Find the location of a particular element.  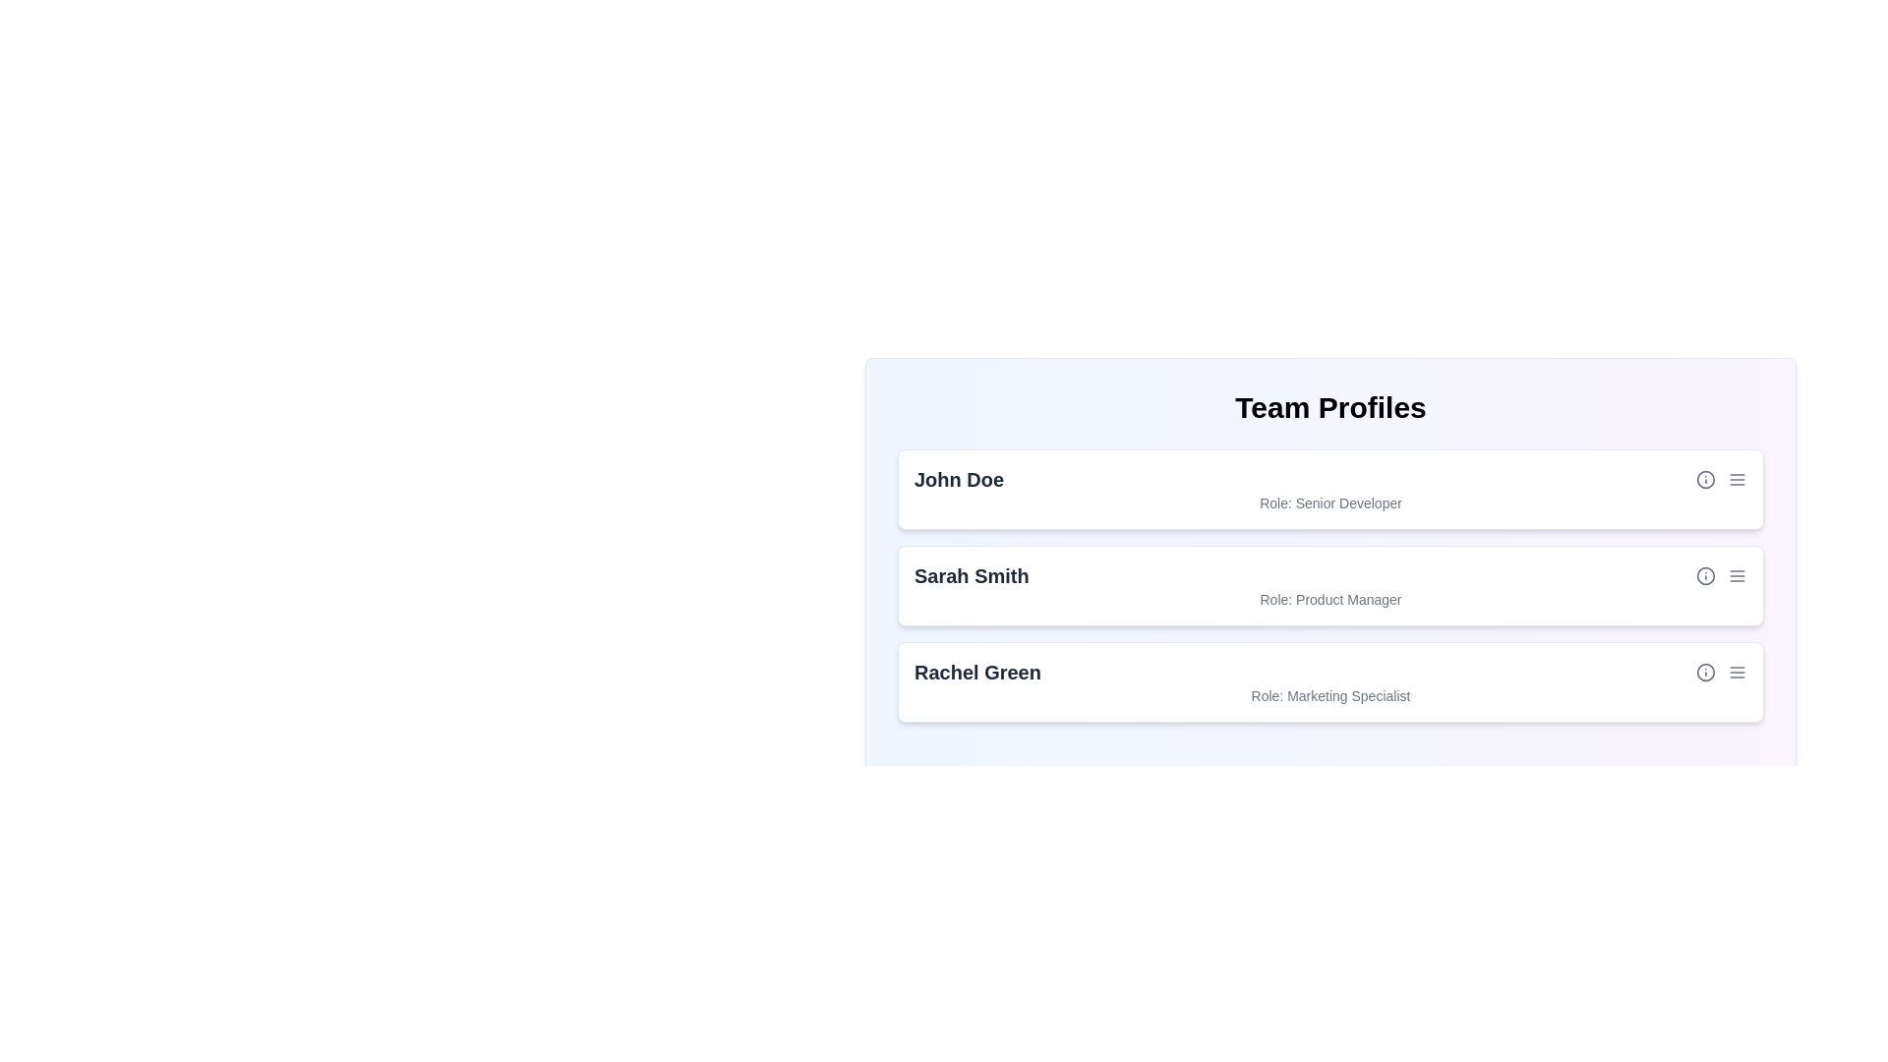

the 'Team Profiles' heading, which is a bold text element styled prominently at the top of the team profiles panel is located at coordinates (1330, 407).